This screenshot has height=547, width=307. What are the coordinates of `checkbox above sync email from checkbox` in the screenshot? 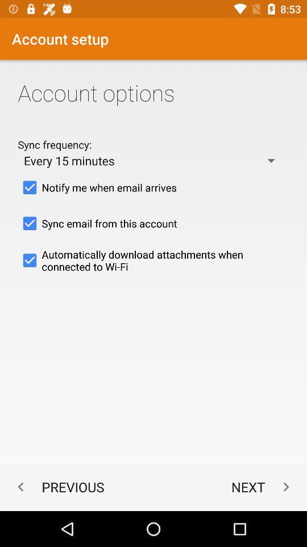 It's located at (153, 187).